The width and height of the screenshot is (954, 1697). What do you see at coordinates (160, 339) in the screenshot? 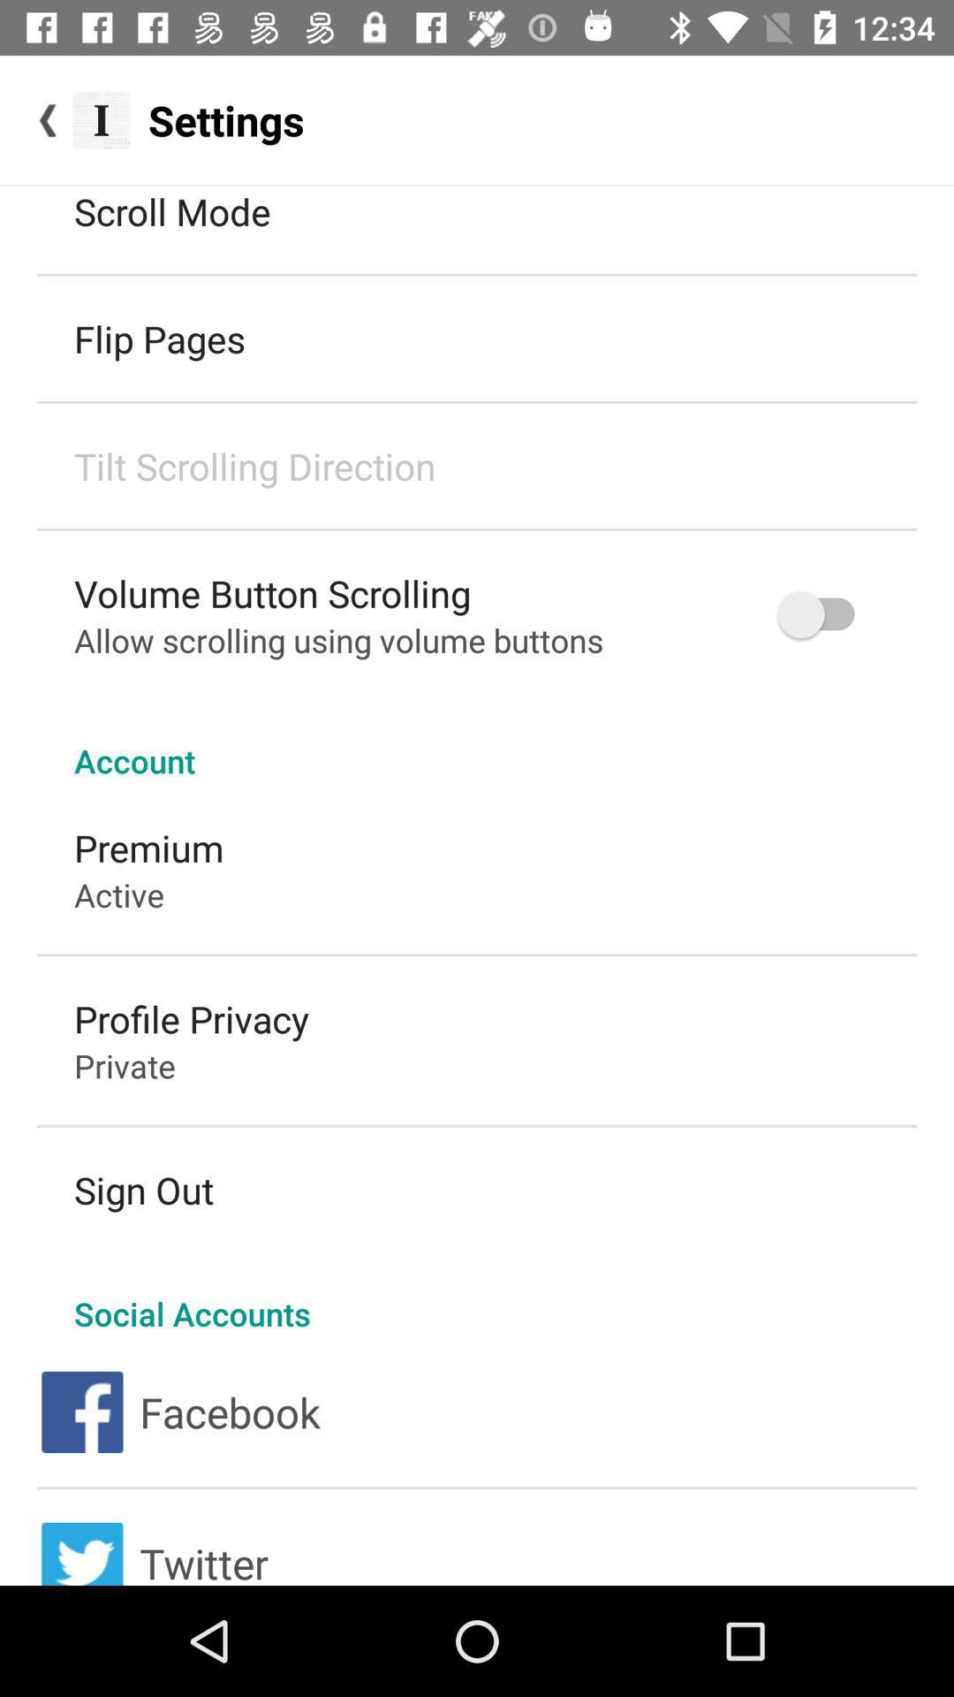
I see `flip pages` at bounding box center [160, 339].